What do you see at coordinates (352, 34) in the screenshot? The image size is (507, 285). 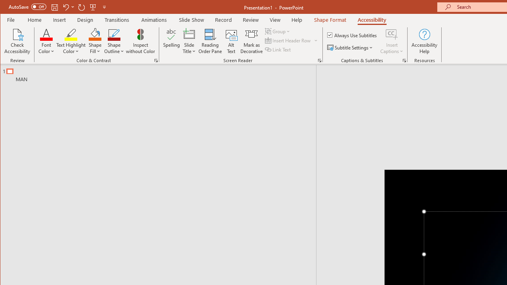 I see `'Always Use Subtitles'` at bounding box center [352, 34].